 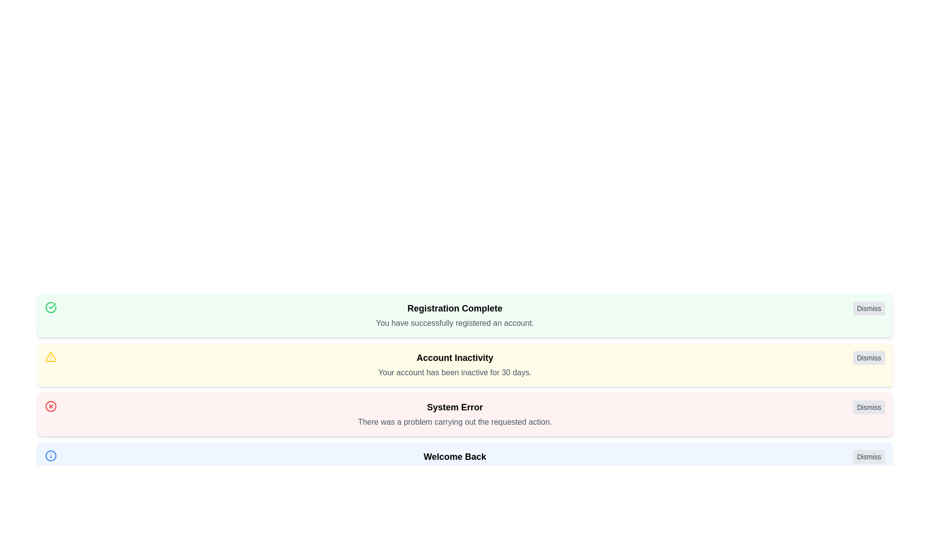 I want to click on the text label displaying 'System Error' located in the third notification segment, which has a pale red background and is positioned below the 'Account Inactivity' message, so click(x=454, y=407).